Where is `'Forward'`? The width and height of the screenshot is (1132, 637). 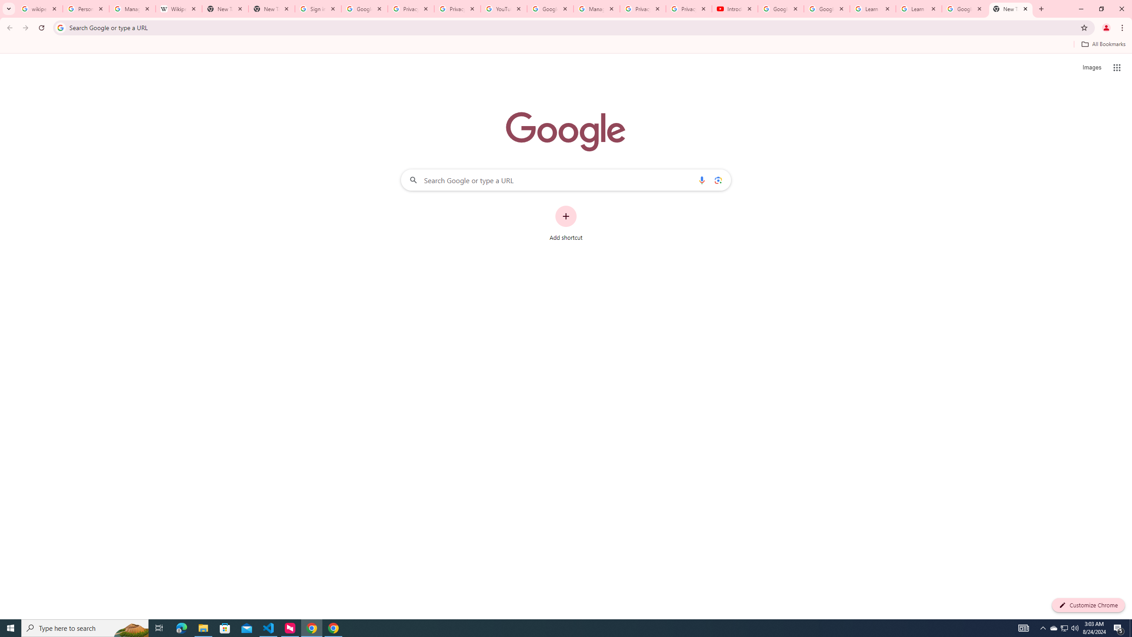 'Forward' is located at coordinates (25, 27).